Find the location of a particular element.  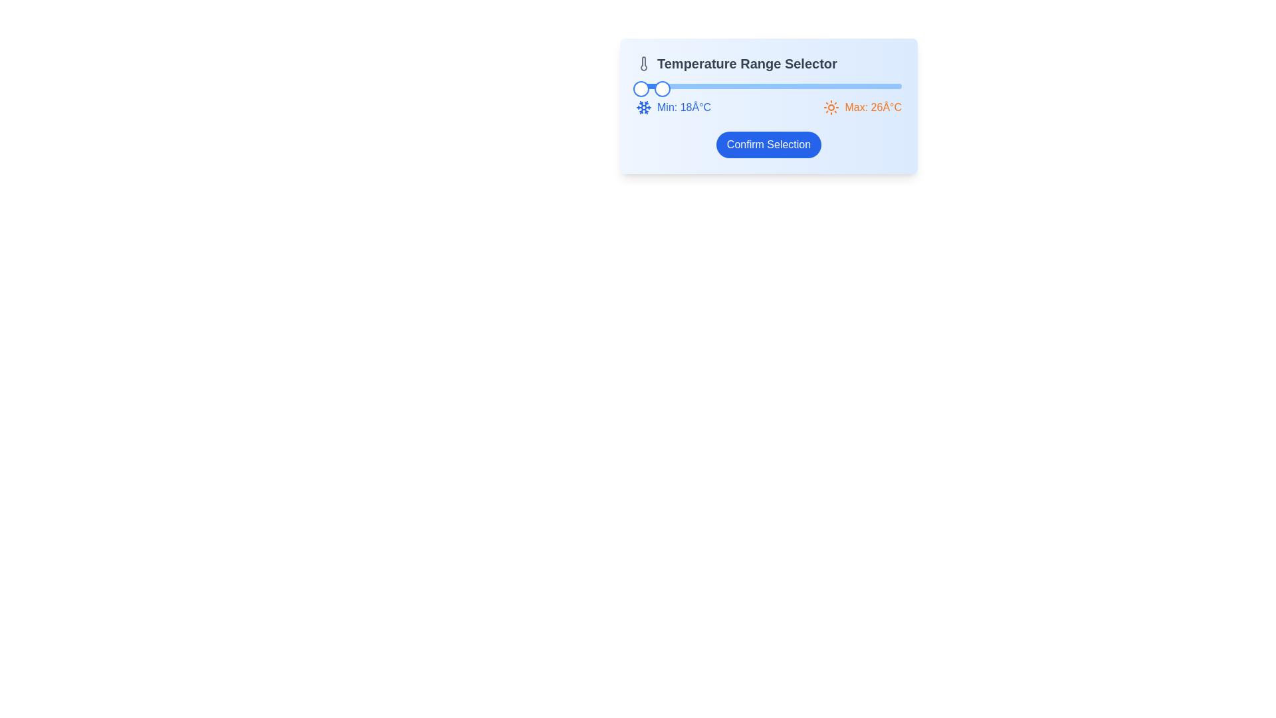

the orange sun icon located next to the text 'Max: 26°C', which features a circular center and radial lines, indicating a maximum temperature is located at coordinates (831, 107).